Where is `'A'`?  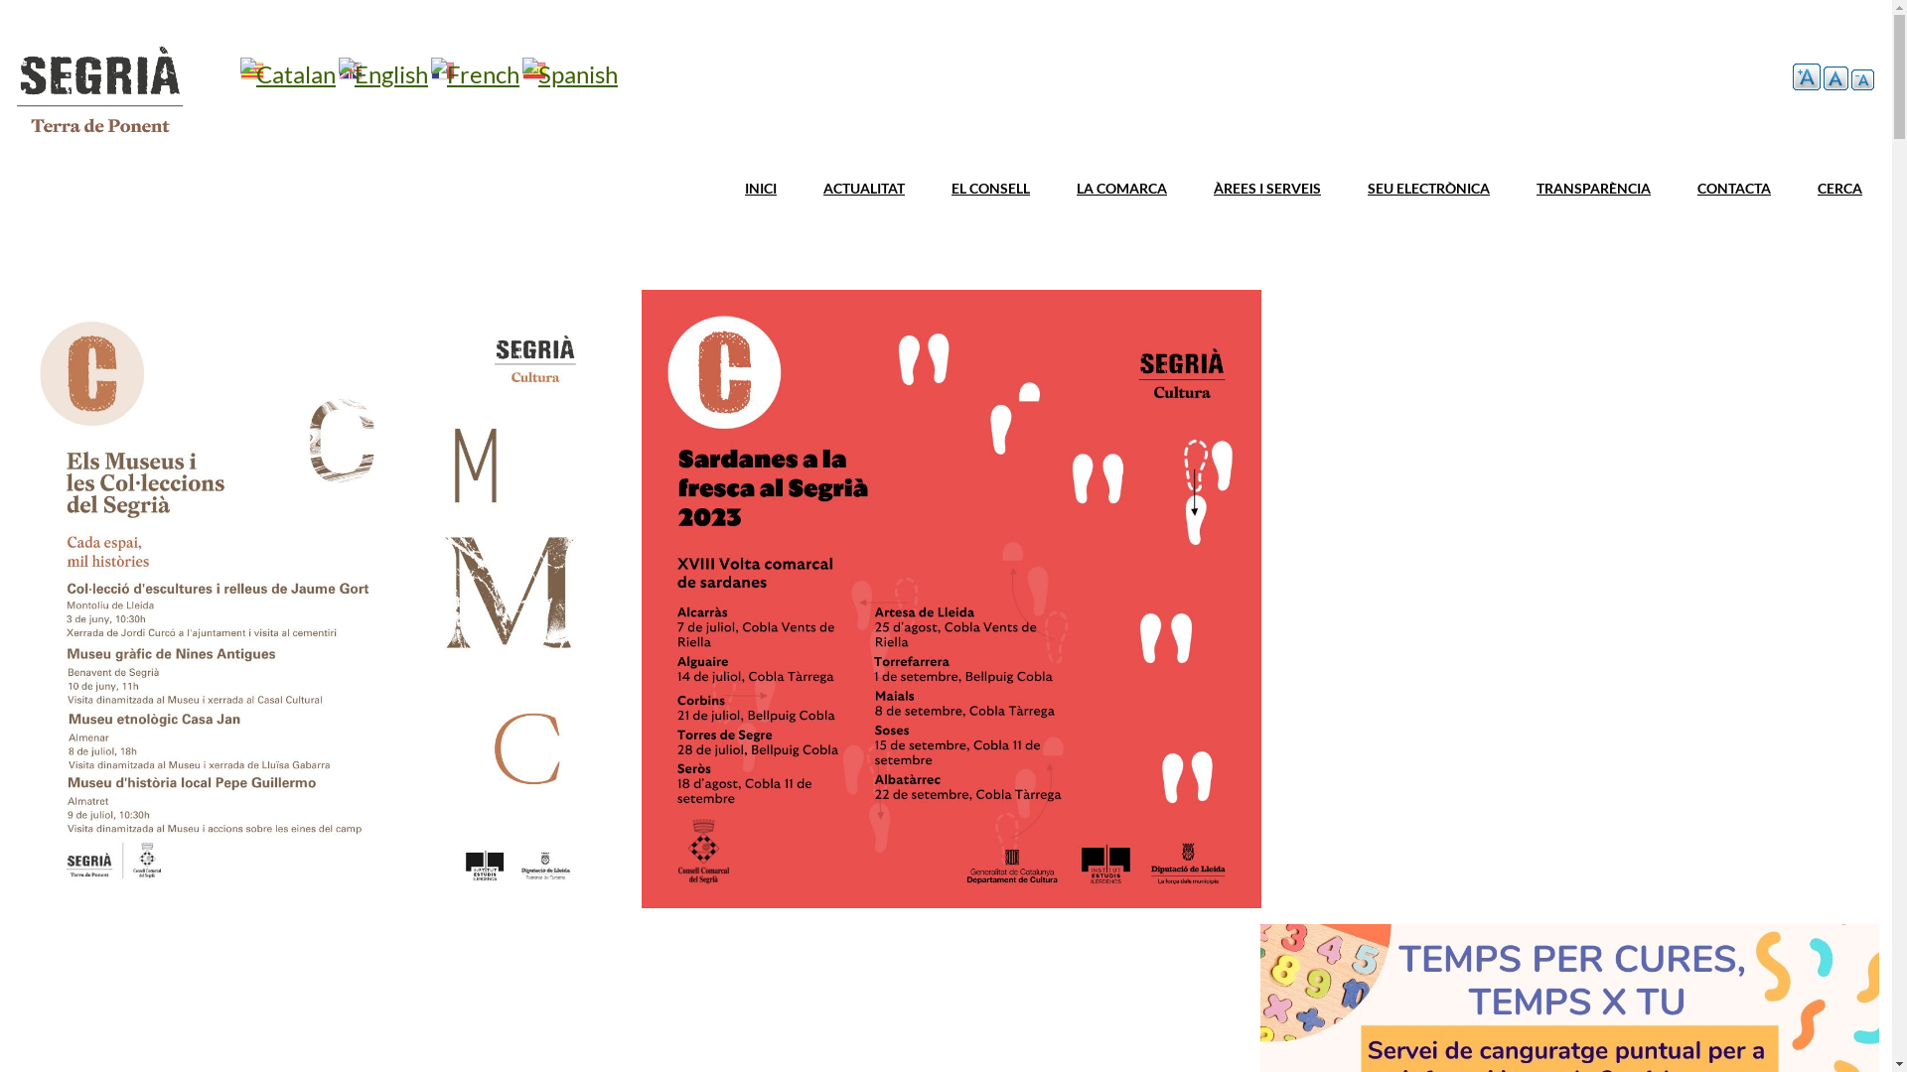
'A' is located at coordinates (1861, 78).